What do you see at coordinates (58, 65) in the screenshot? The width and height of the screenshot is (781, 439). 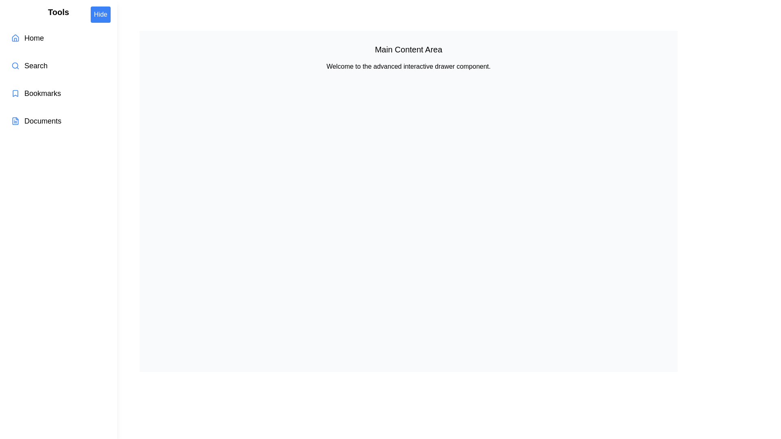 I see `the menu item Search from the drawer` at bounding box center [58, 65].